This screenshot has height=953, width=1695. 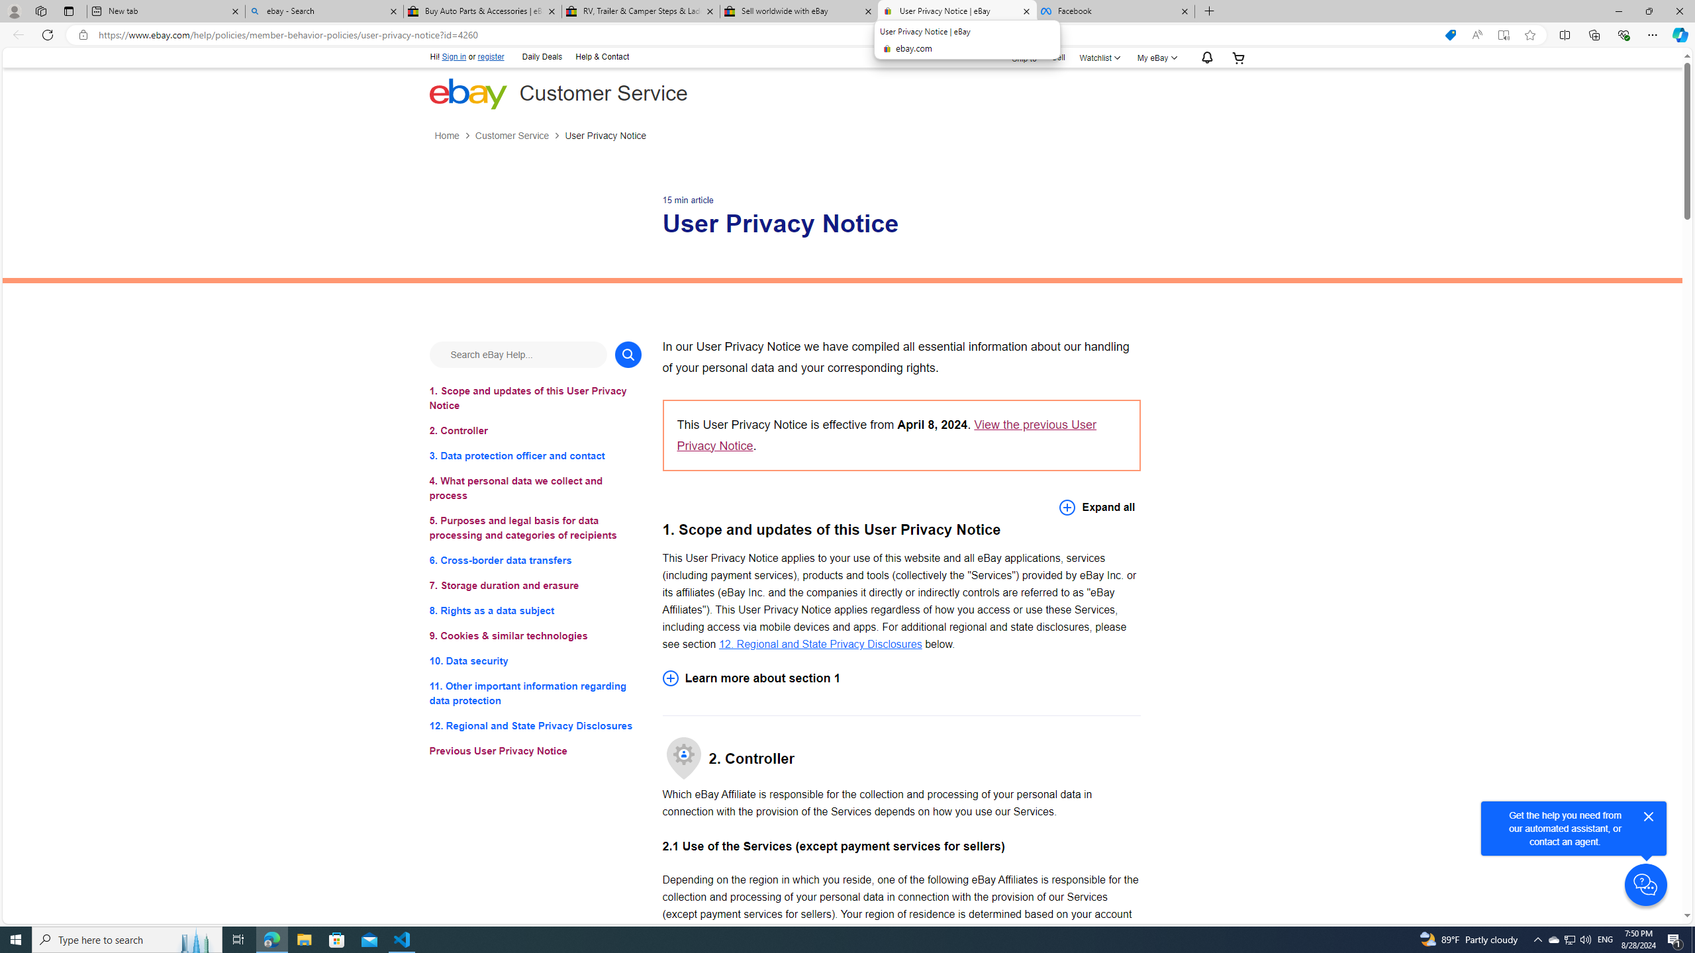 I want to click on 'Ship to', so click(x=1015, y=56).